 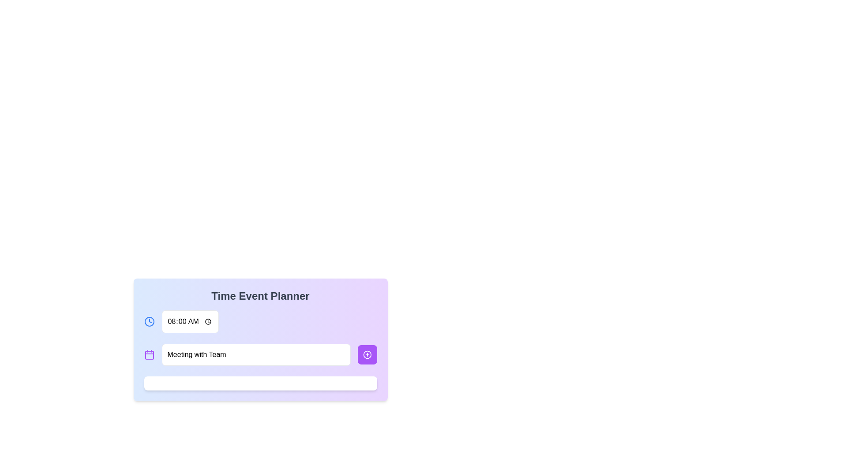 What do you see at coordinates (367, 354) in the screenshot?
I see `the button located to the far right of the 'Meeting with Team' input field` at bounding box center [367, 354].